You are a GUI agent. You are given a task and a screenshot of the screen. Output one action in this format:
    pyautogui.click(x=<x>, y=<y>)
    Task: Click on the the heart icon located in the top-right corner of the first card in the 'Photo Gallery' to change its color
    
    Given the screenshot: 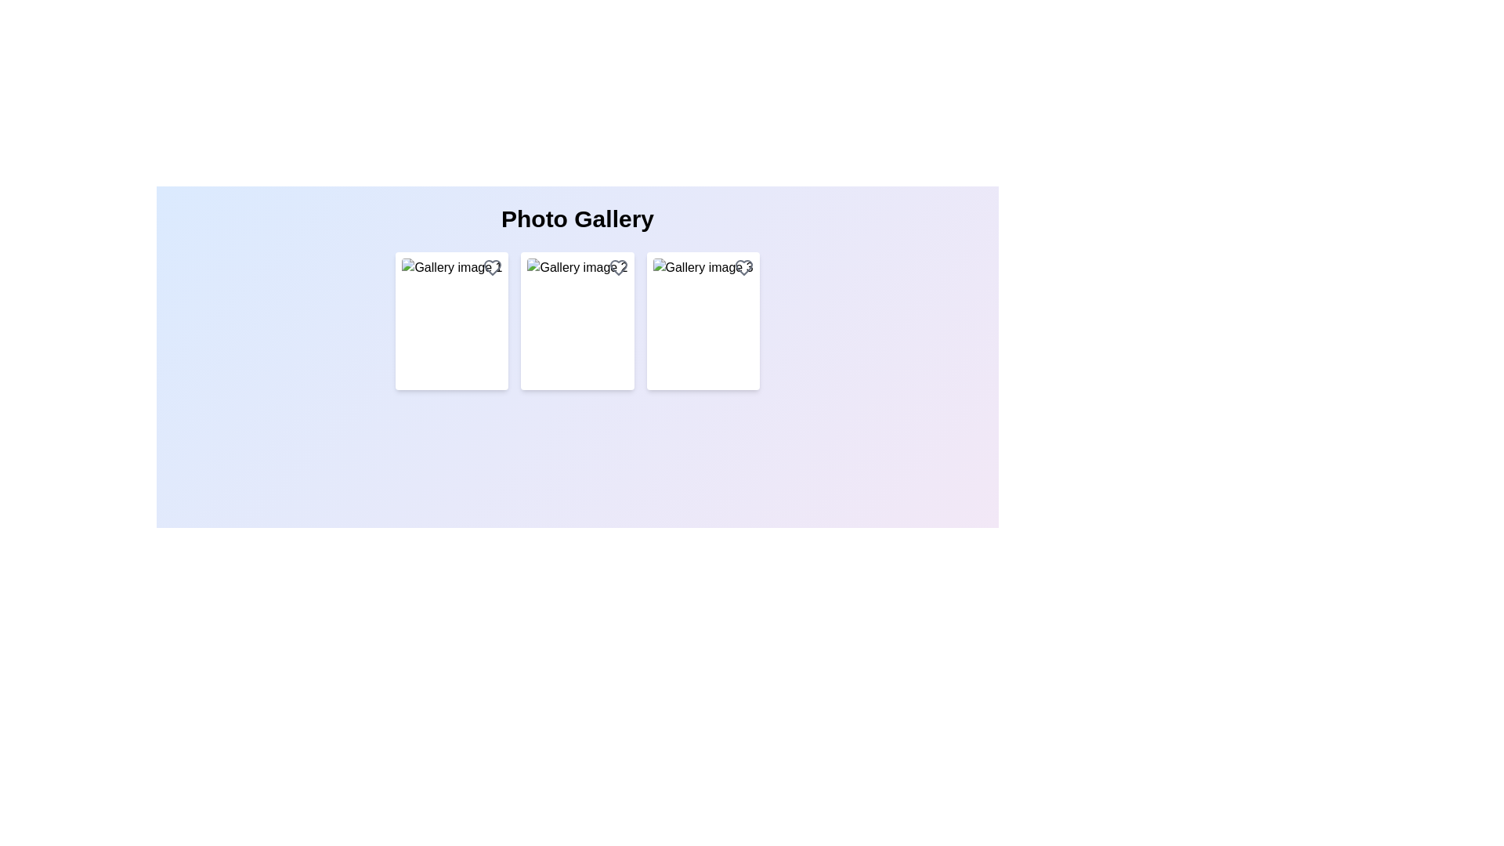 What is the action you would take?
    pyautogui.click(x=492, y=267)
    